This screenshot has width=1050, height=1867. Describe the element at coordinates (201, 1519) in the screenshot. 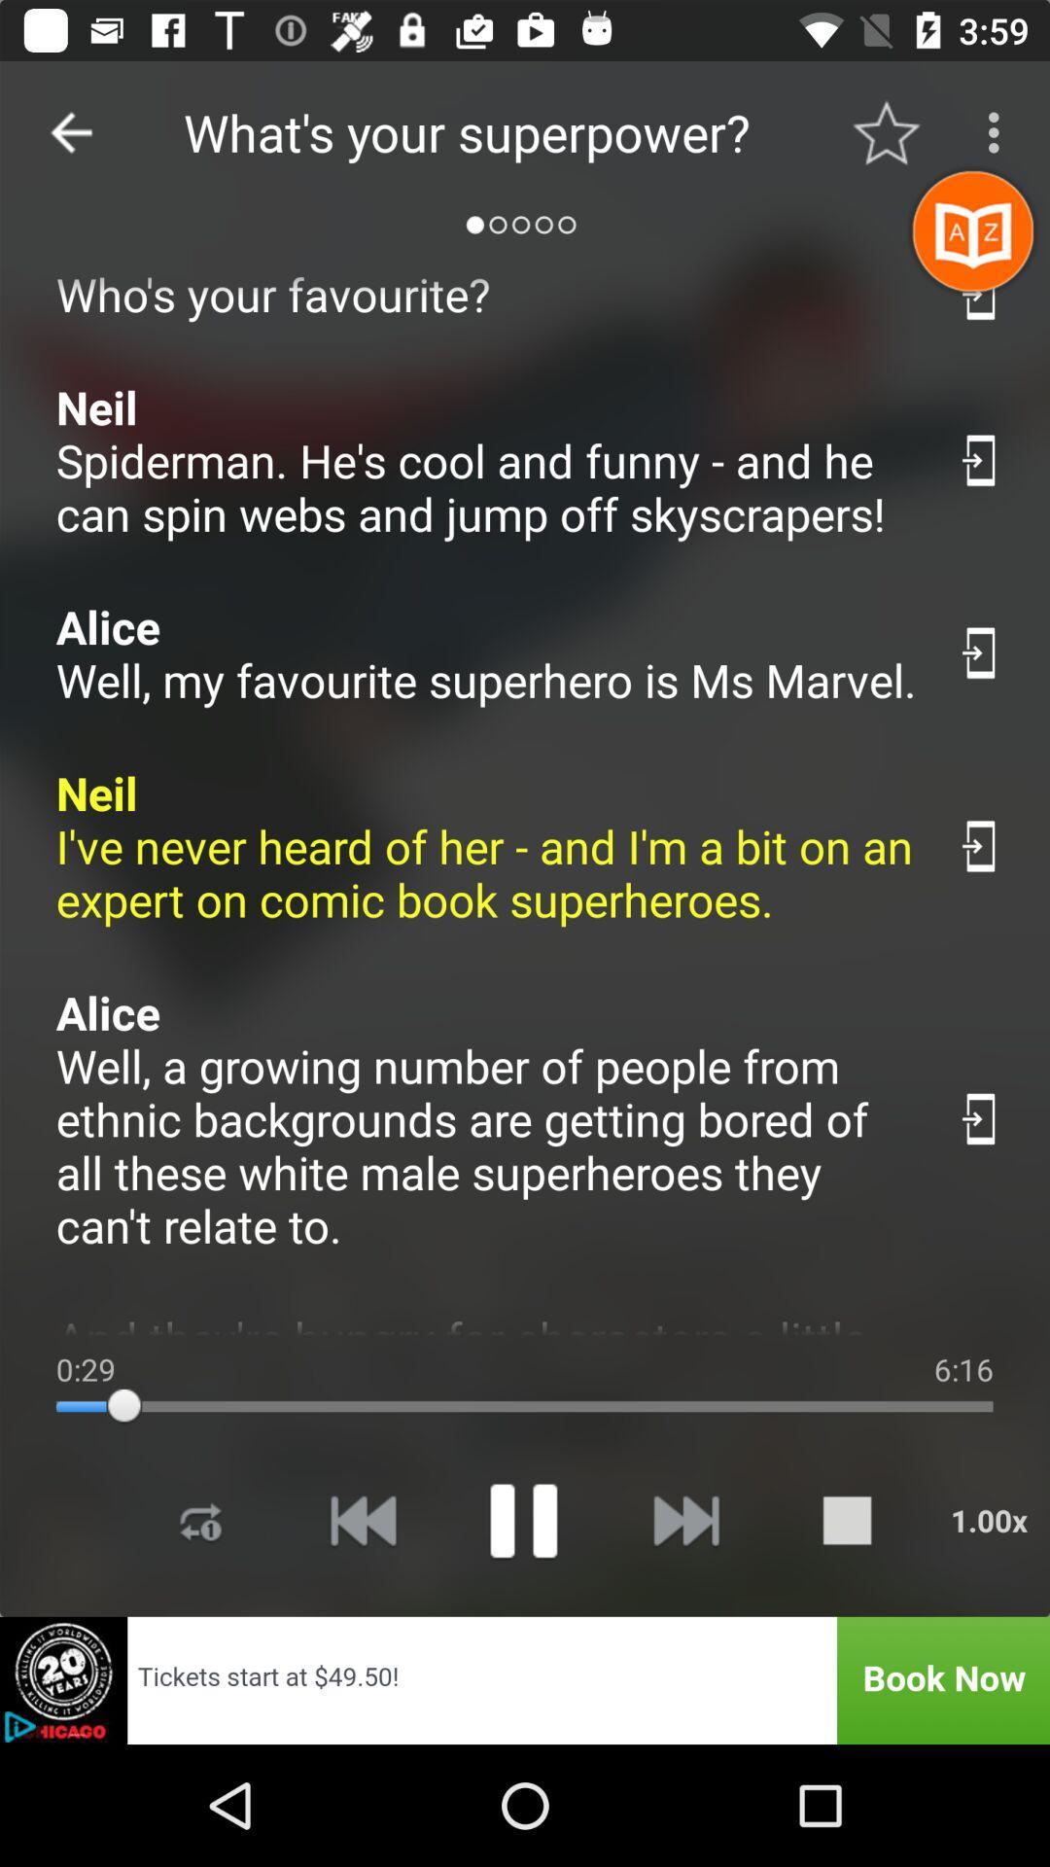

I see `repeat option` at that location.